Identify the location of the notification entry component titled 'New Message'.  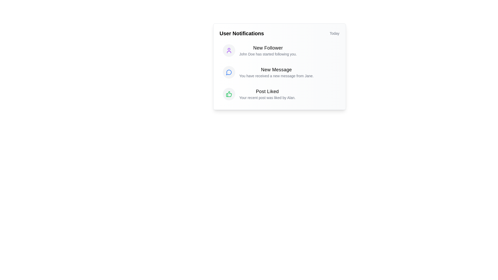
(279, 72).